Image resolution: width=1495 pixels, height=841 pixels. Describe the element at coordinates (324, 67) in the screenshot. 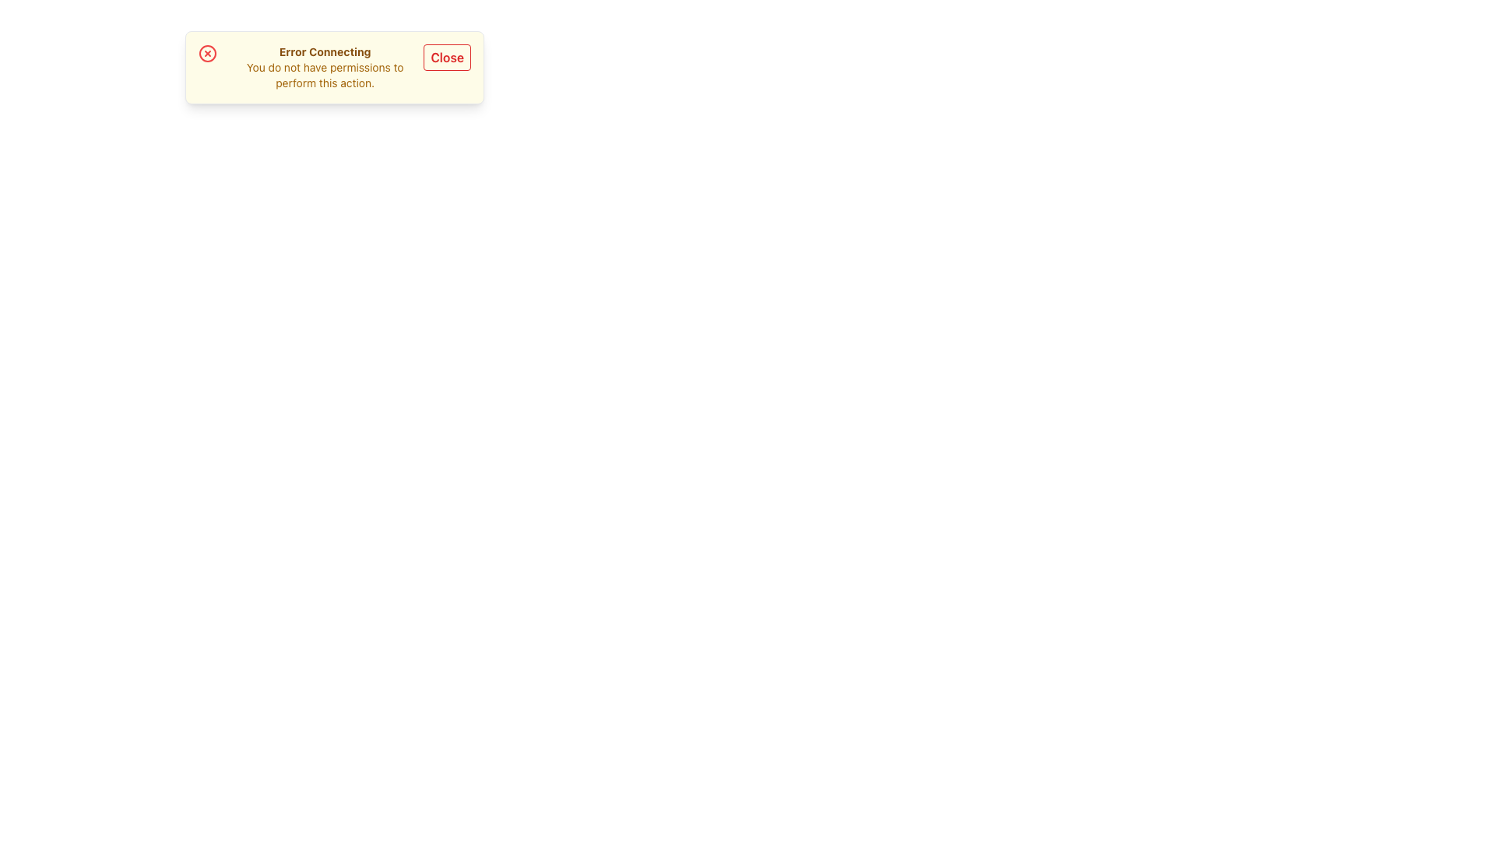

I see `the warning message text label displaying 'Error Connecting' with the description 'You do not have permissions to perform this action.'` at that location.